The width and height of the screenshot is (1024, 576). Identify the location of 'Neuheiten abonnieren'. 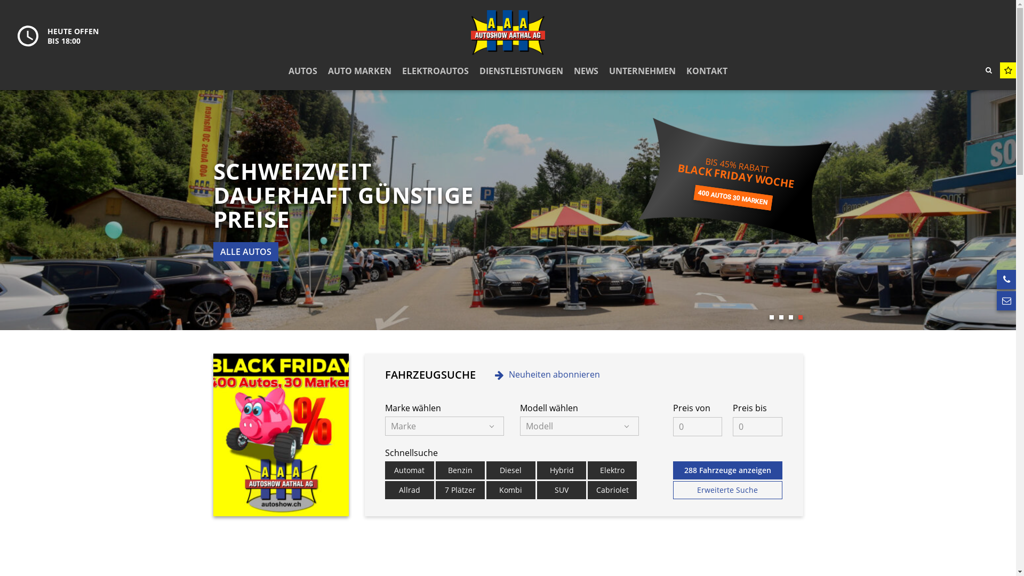
(547, 374).